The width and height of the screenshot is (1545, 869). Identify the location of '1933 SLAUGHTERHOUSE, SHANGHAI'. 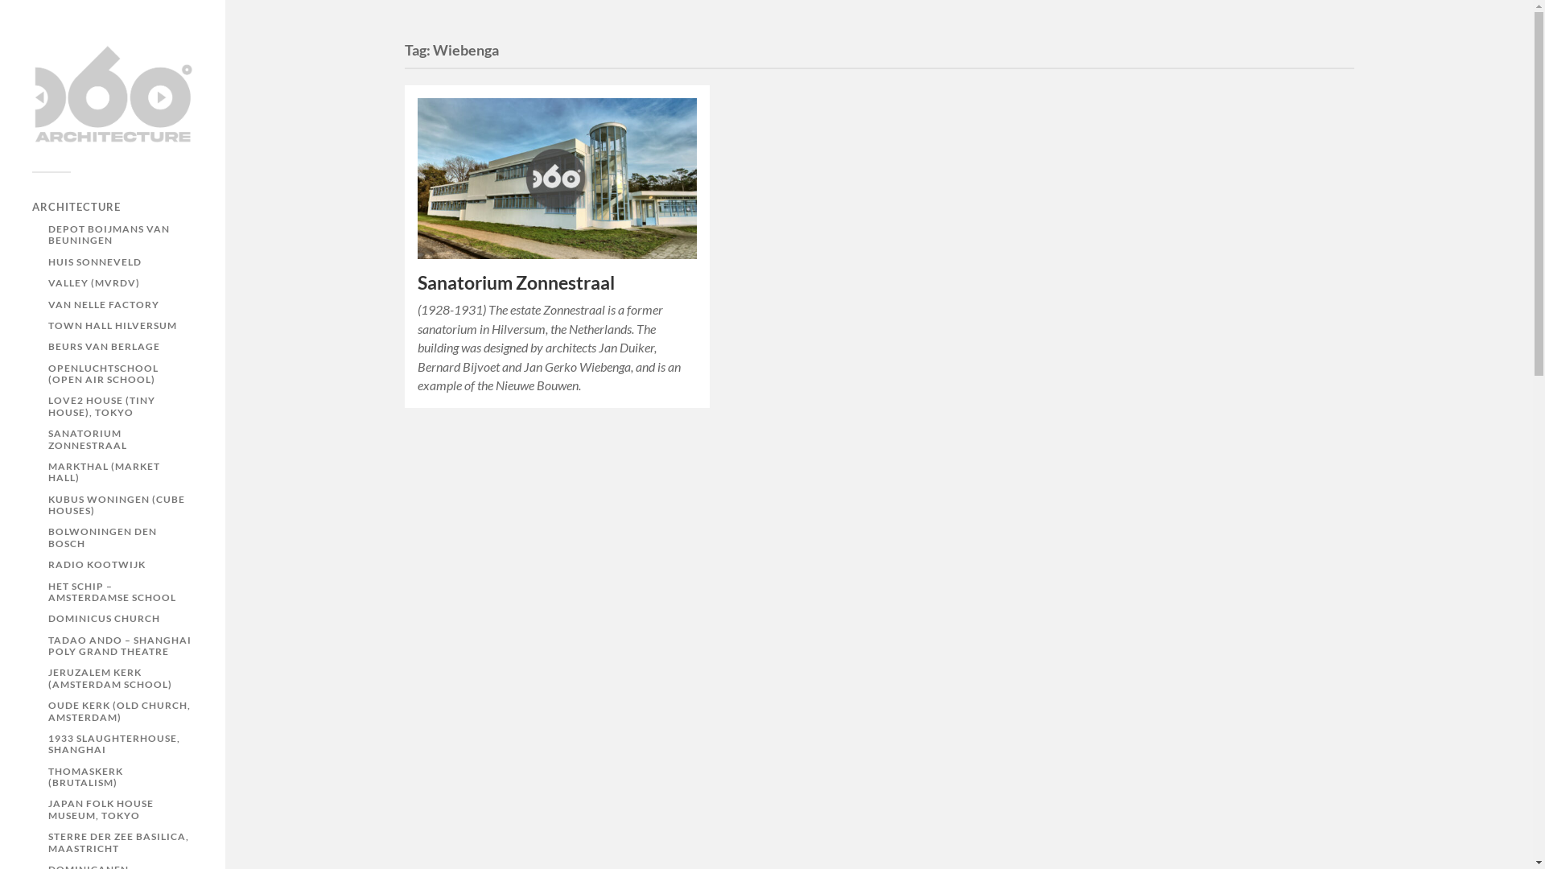
(113, 743).